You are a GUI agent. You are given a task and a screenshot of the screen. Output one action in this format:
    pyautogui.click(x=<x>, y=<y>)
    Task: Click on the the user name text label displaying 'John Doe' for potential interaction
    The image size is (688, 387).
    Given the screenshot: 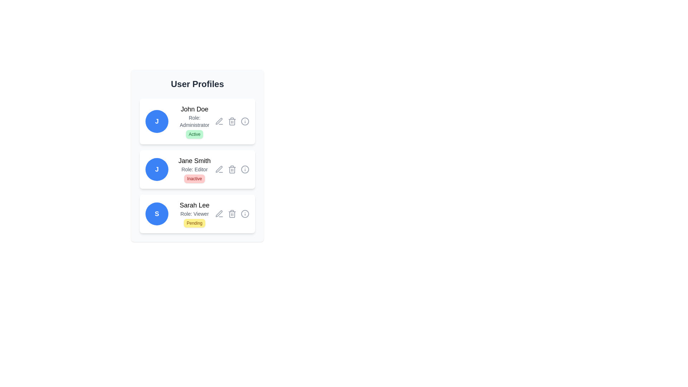 What is the action you would take?
    pyautogui.click(x=194, y=109)
    